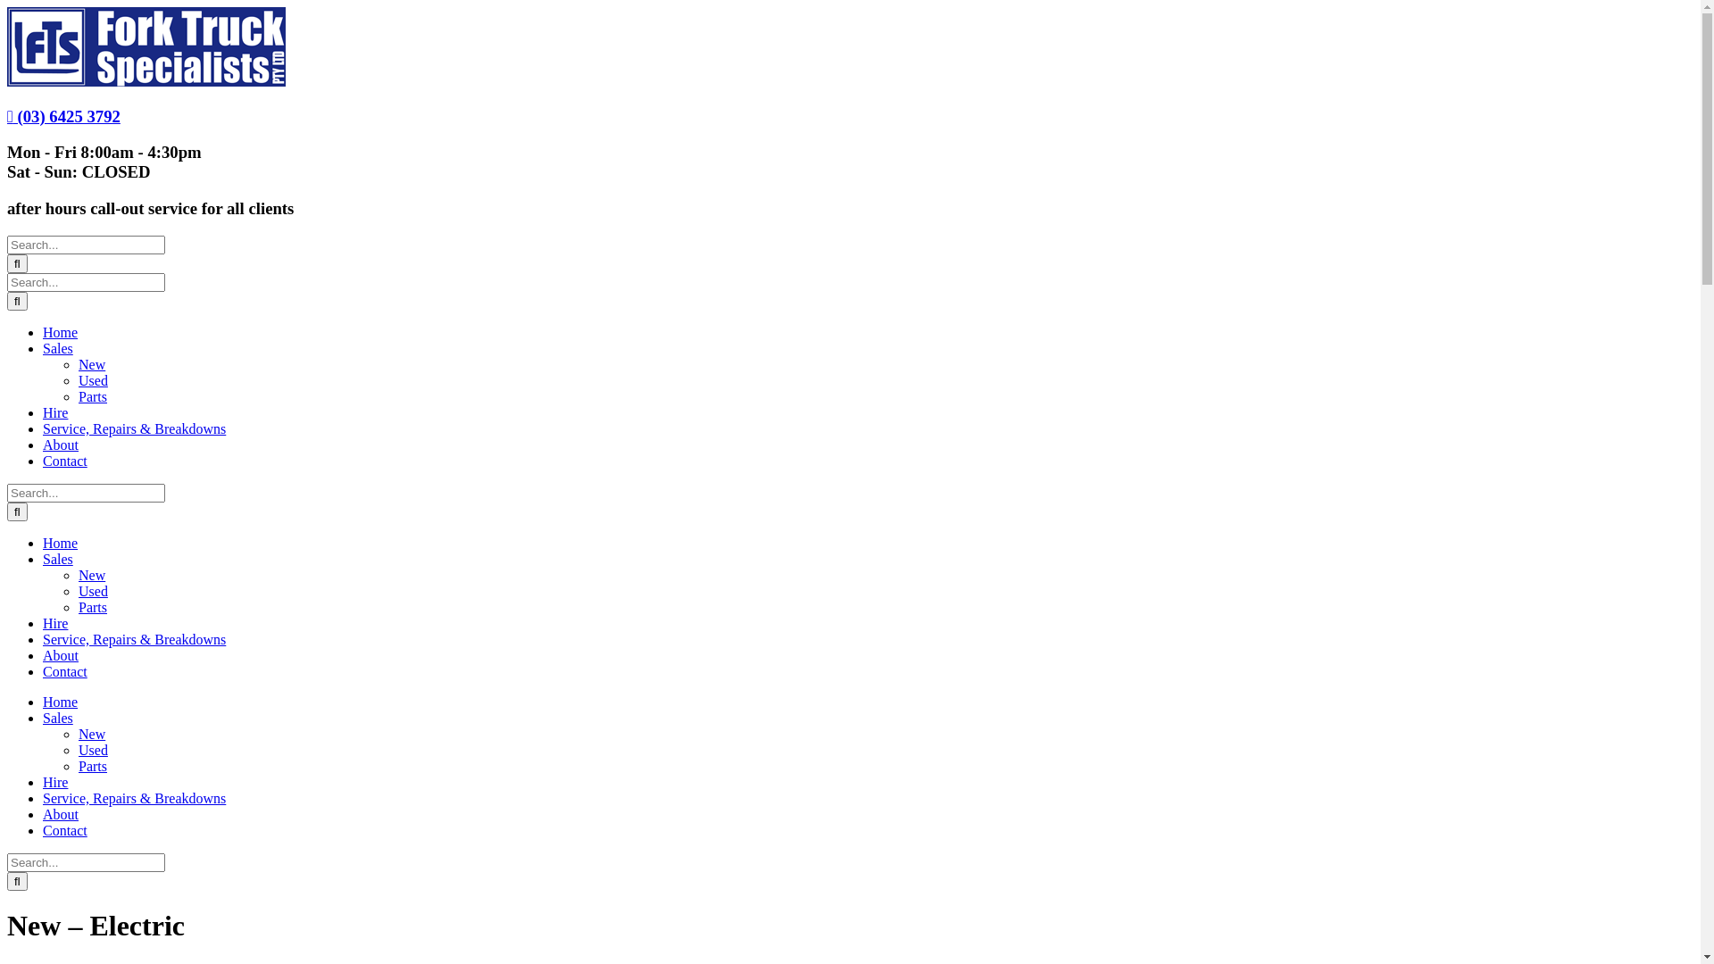 The width and height of the screenshot is (1714, 964). What do you see at coordinates (92, 750) in the screenshot?
I see `'Used'` at bounding box center [92, 750].